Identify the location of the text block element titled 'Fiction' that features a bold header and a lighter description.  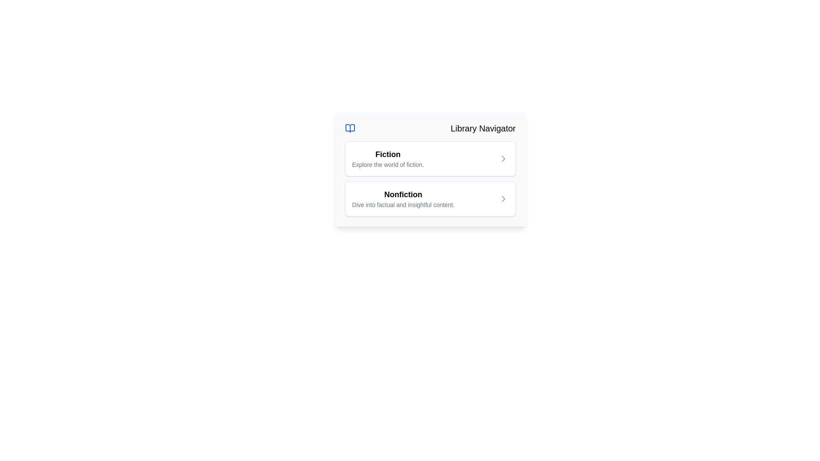
(387, 158).